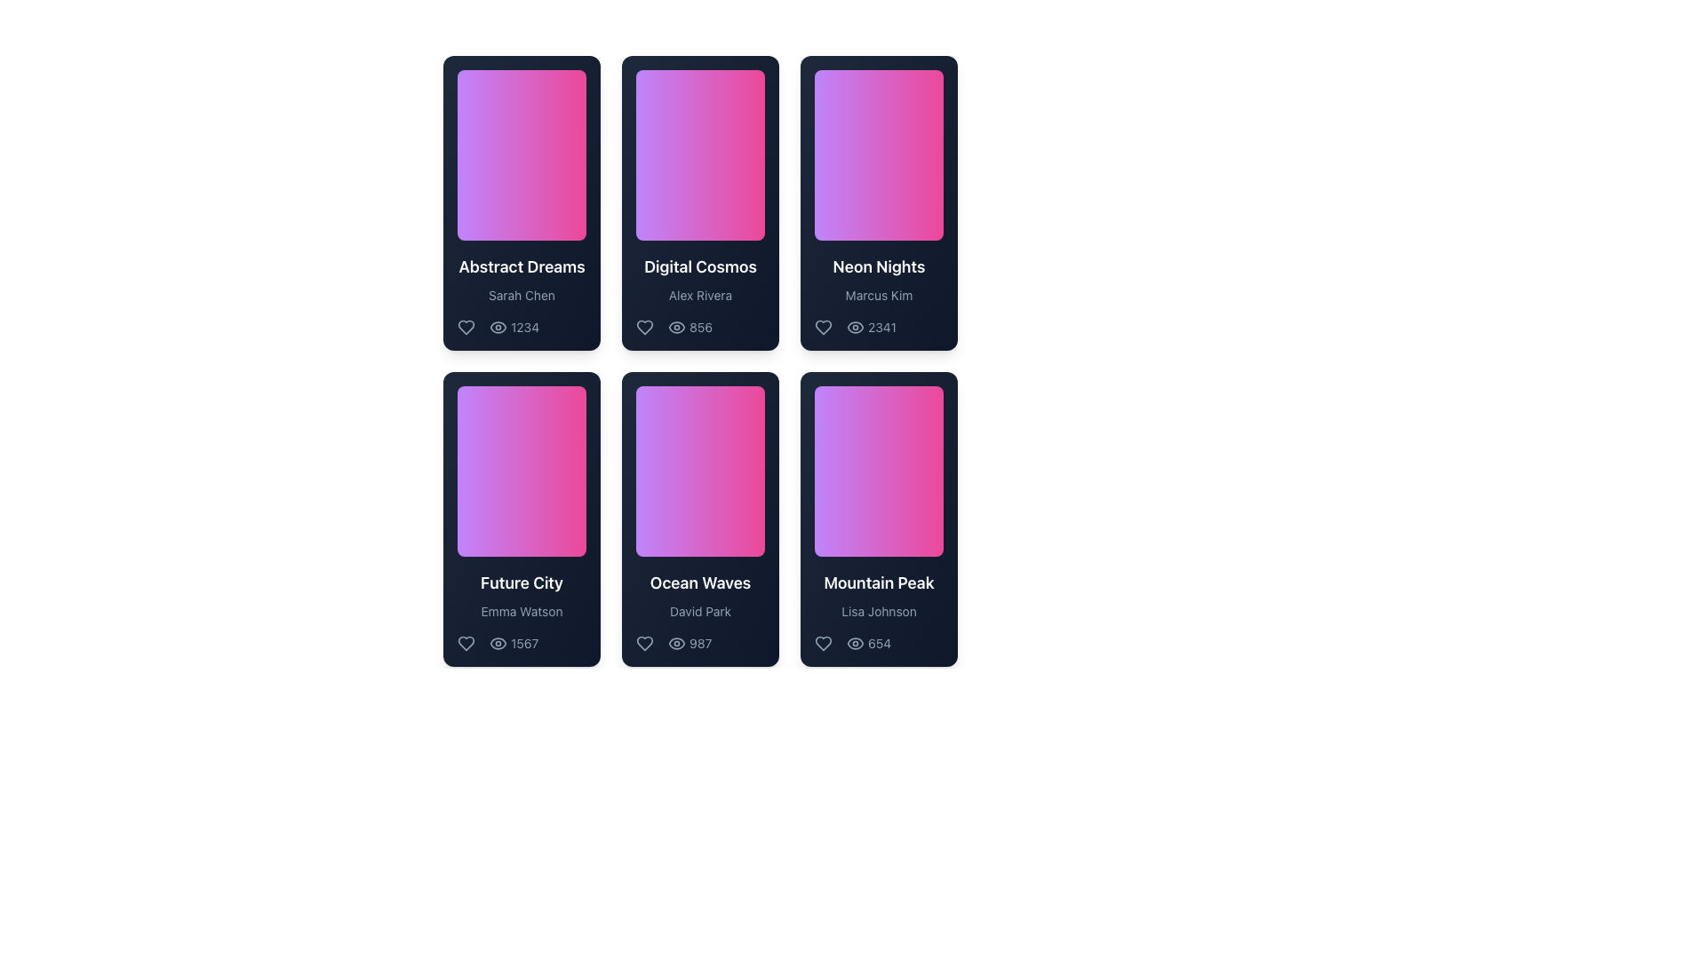 This screenshot has height=959, width=1706. What do you see at coordinates (689, 644) in the screenshot?
I see `the data display component that features an eye icon and the number '987' in gray font, located beneath the 'Ocean Waves' card by 'David Park'` at bounding box center [689, 644].